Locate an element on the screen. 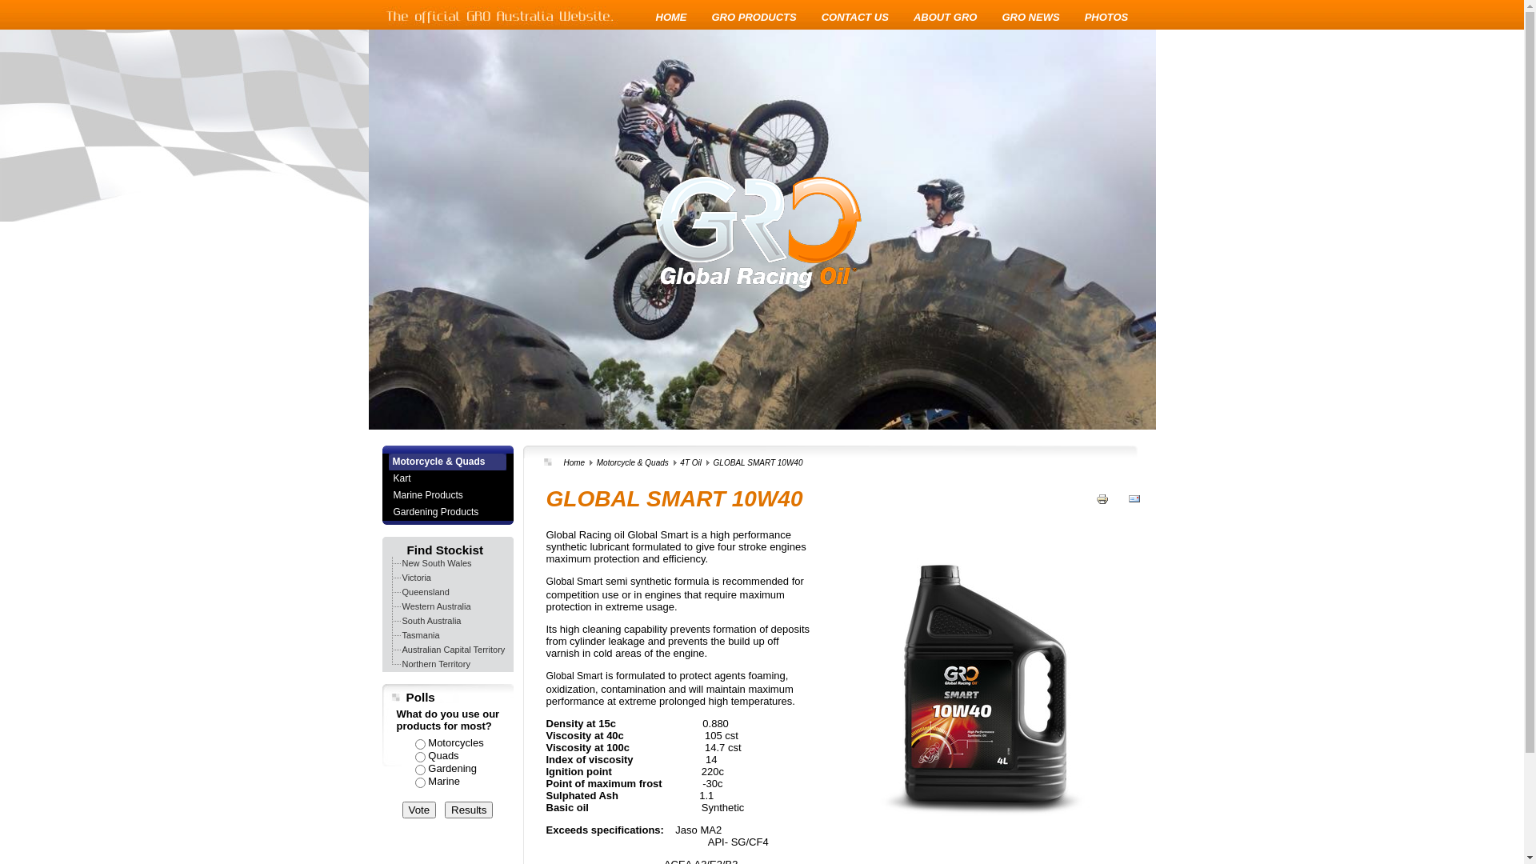  'Marine Products' is located at coordinates (446, 494).